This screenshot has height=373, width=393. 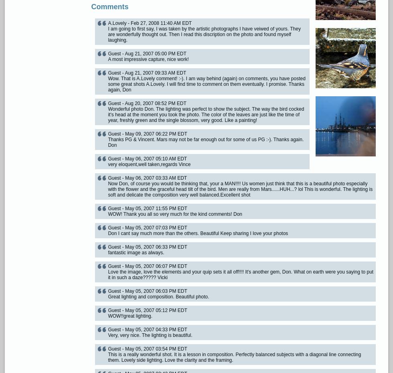 What do you see at coordinates (158, 297) in the screenshot?
I see `'Great lighting and composition.  Beautiful photo.'` at bounding box center [158, 297].